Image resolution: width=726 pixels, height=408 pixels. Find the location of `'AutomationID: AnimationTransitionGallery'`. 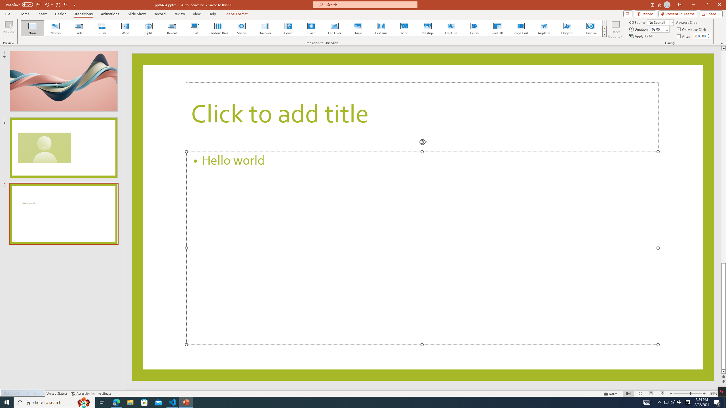

'AutomationID: AnimationTransitionGallery' is located at coordinates (313, 28).